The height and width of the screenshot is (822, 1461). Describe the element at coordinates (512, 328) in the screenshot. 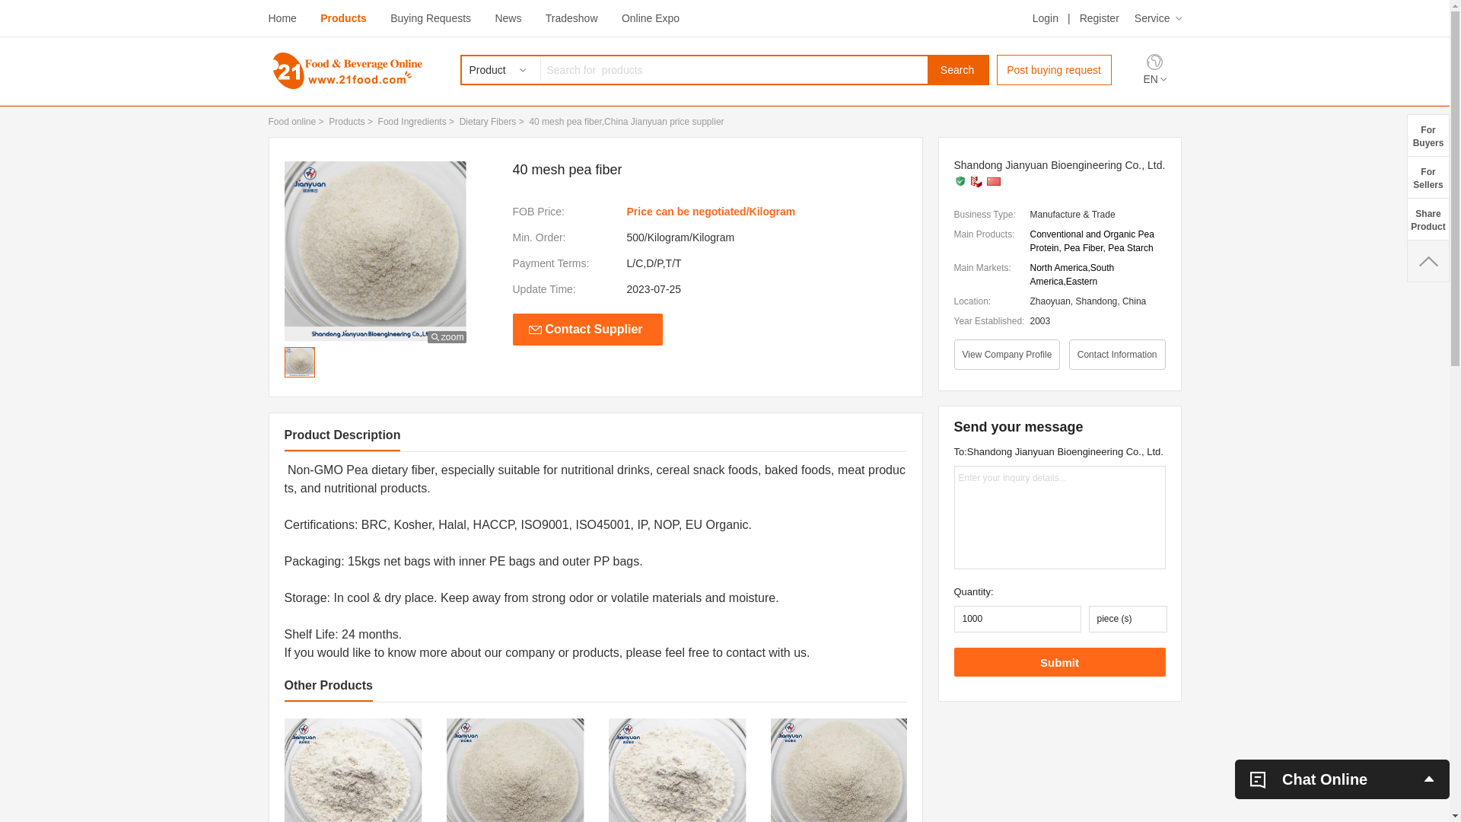

I see `'Contact Supplier'` at that location.